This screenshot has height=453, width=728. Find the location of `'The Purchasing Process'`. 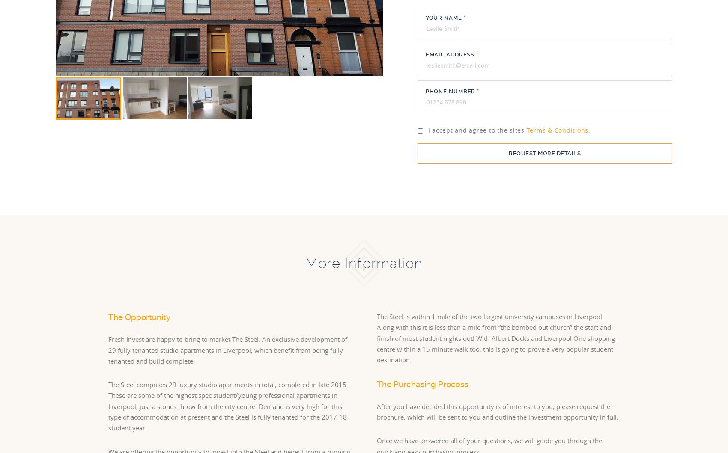

'The Purchasing Process' is located at coordinates (422, 384).